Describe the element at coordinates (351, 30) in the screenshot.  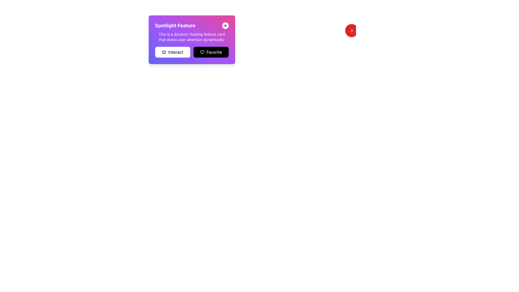
I see `displayed number '3' on the circular red badge located in the top-right corner of the interface` at that location.